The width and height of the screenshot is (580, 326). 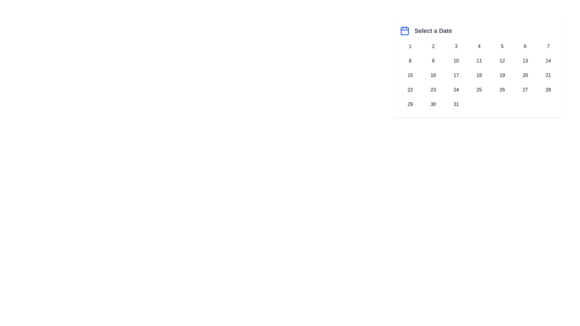 I want to click on the button representing the 21st day of the month in the date picker titled 'Select a Date', so click(x=548, y=75).